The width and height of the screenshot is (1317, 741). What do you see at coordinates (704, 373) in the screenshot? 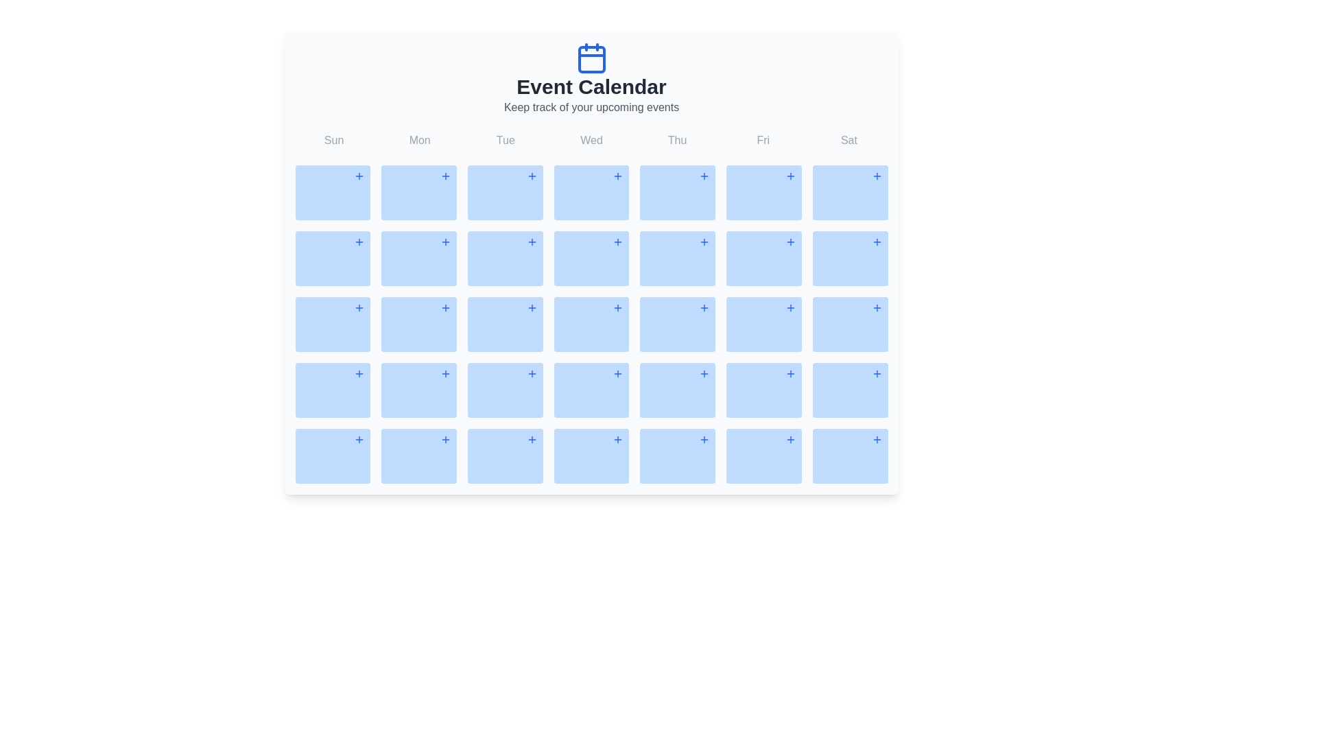
I see `the small blue plus-shaped icon located in the center of the fifth row, fourth column of the calendar grid` at bounding box center [704, 373].